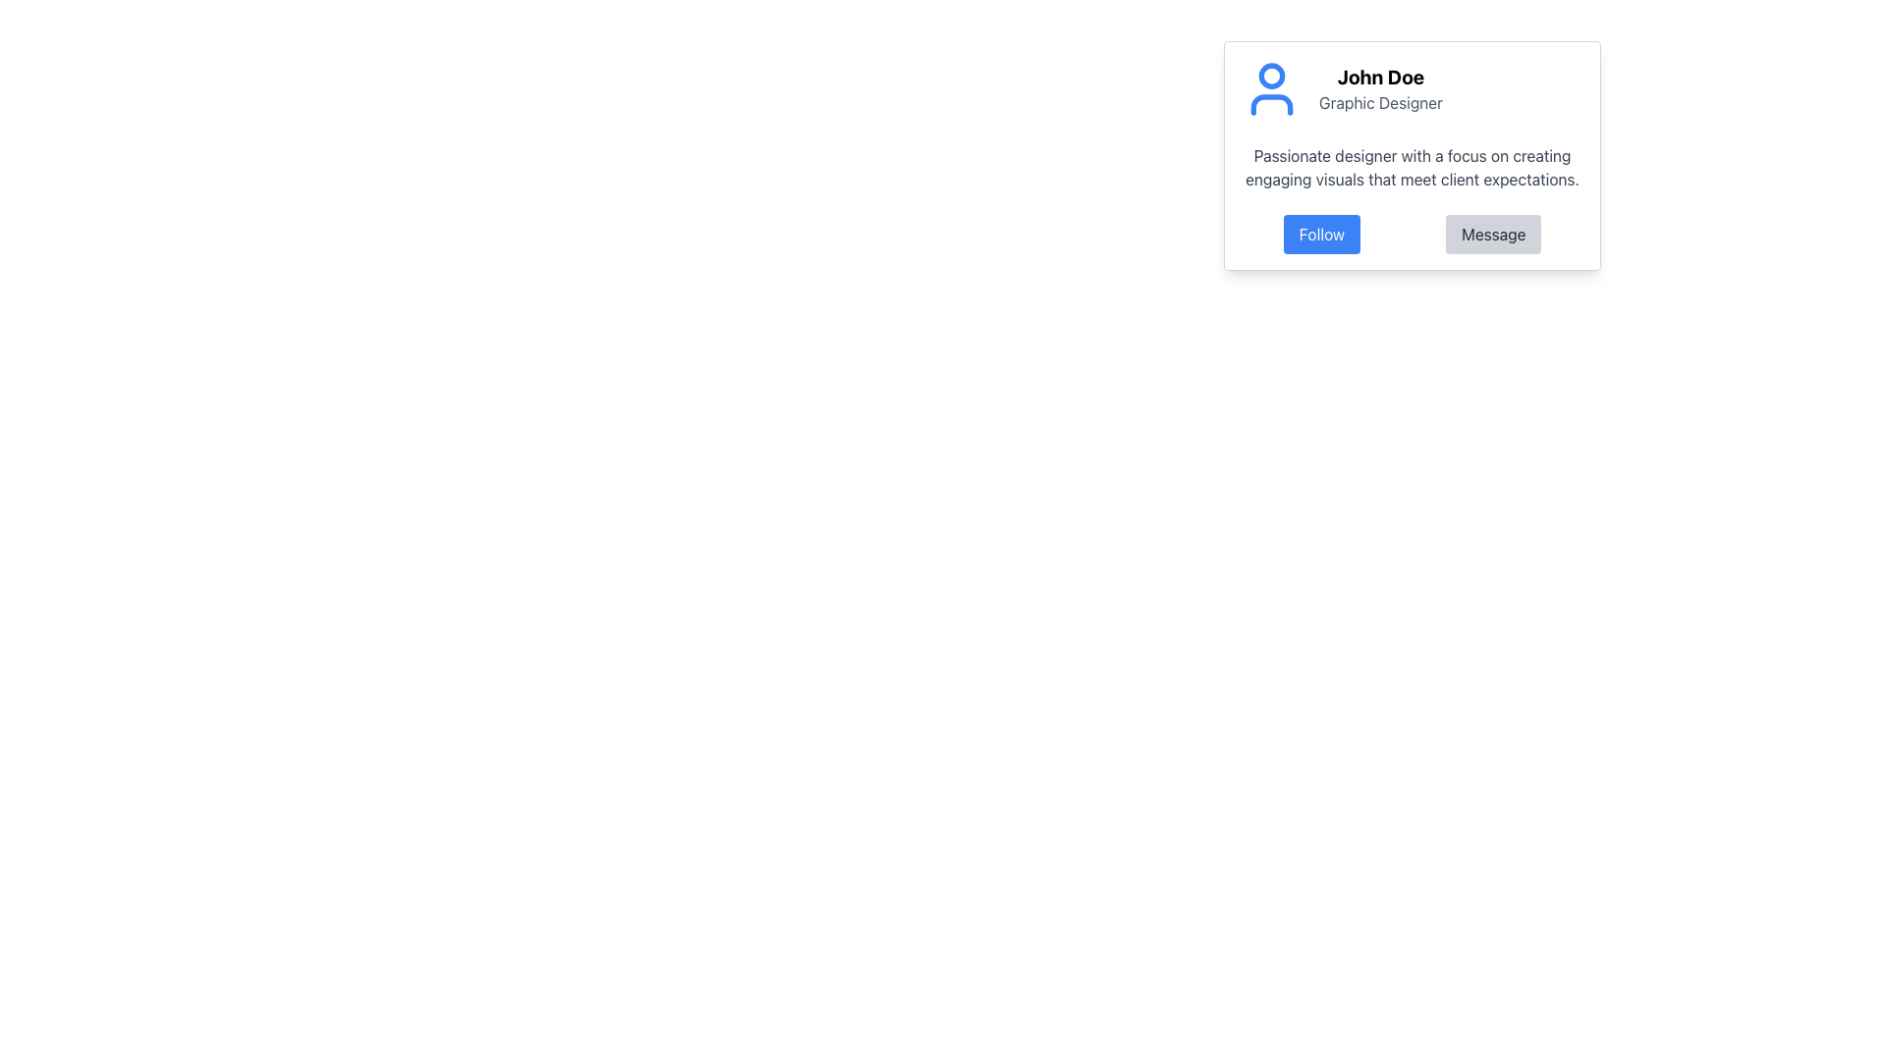 The height and width of the screenshot is (1060, 1886). What do you see at coordinates (1412, 166) in the screenshot?
I see `the text block element styled in a subdued grayish font (class 'text-gray-700') that contains a descriptive sentence about a designer's focus, located within a prominent card structure, directly below the name and title, and above the action buttons labeled 'Follow' and 'Message'` at bounding box center [1412, 166].